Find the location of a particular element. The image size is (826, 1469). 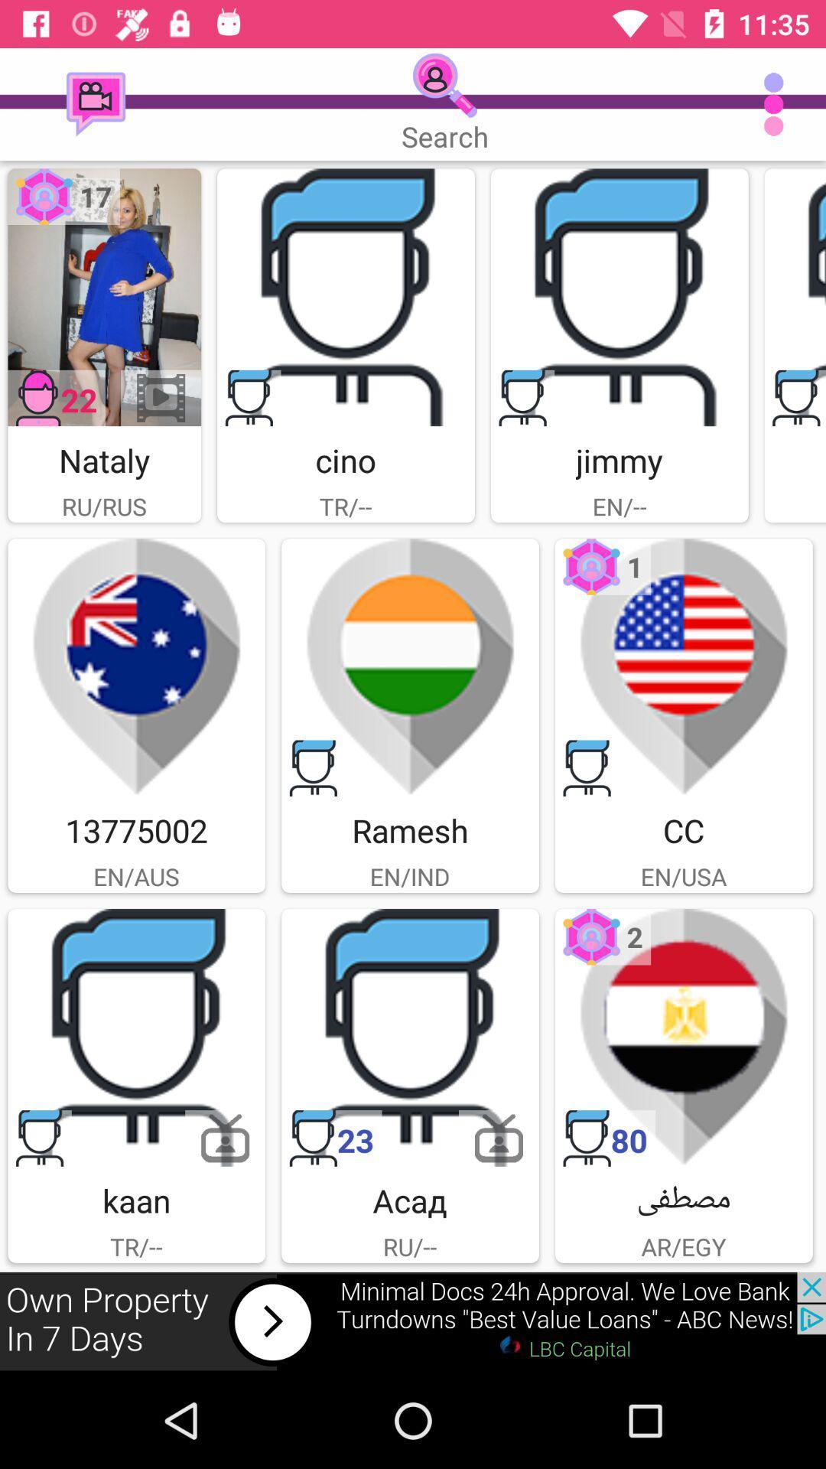

click the advertisement is located at coordinates (413, 1321).